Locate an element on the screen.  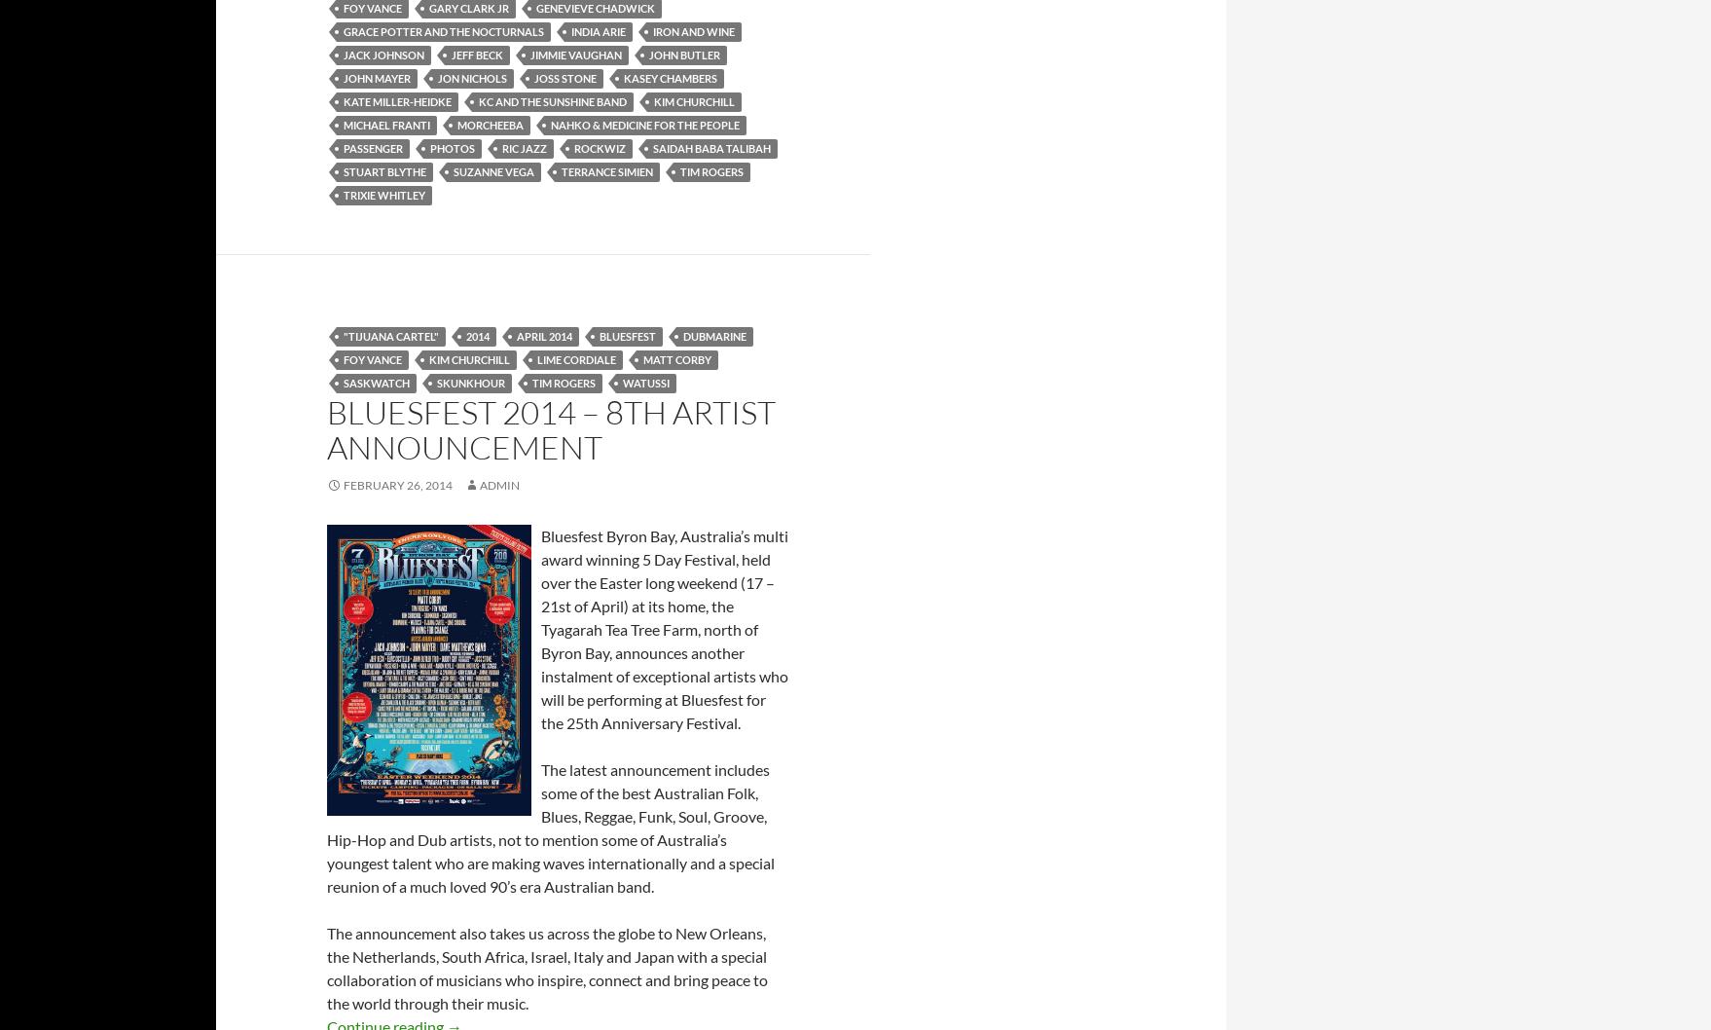
'Joss Stone' is located at coordinates (564, 77).